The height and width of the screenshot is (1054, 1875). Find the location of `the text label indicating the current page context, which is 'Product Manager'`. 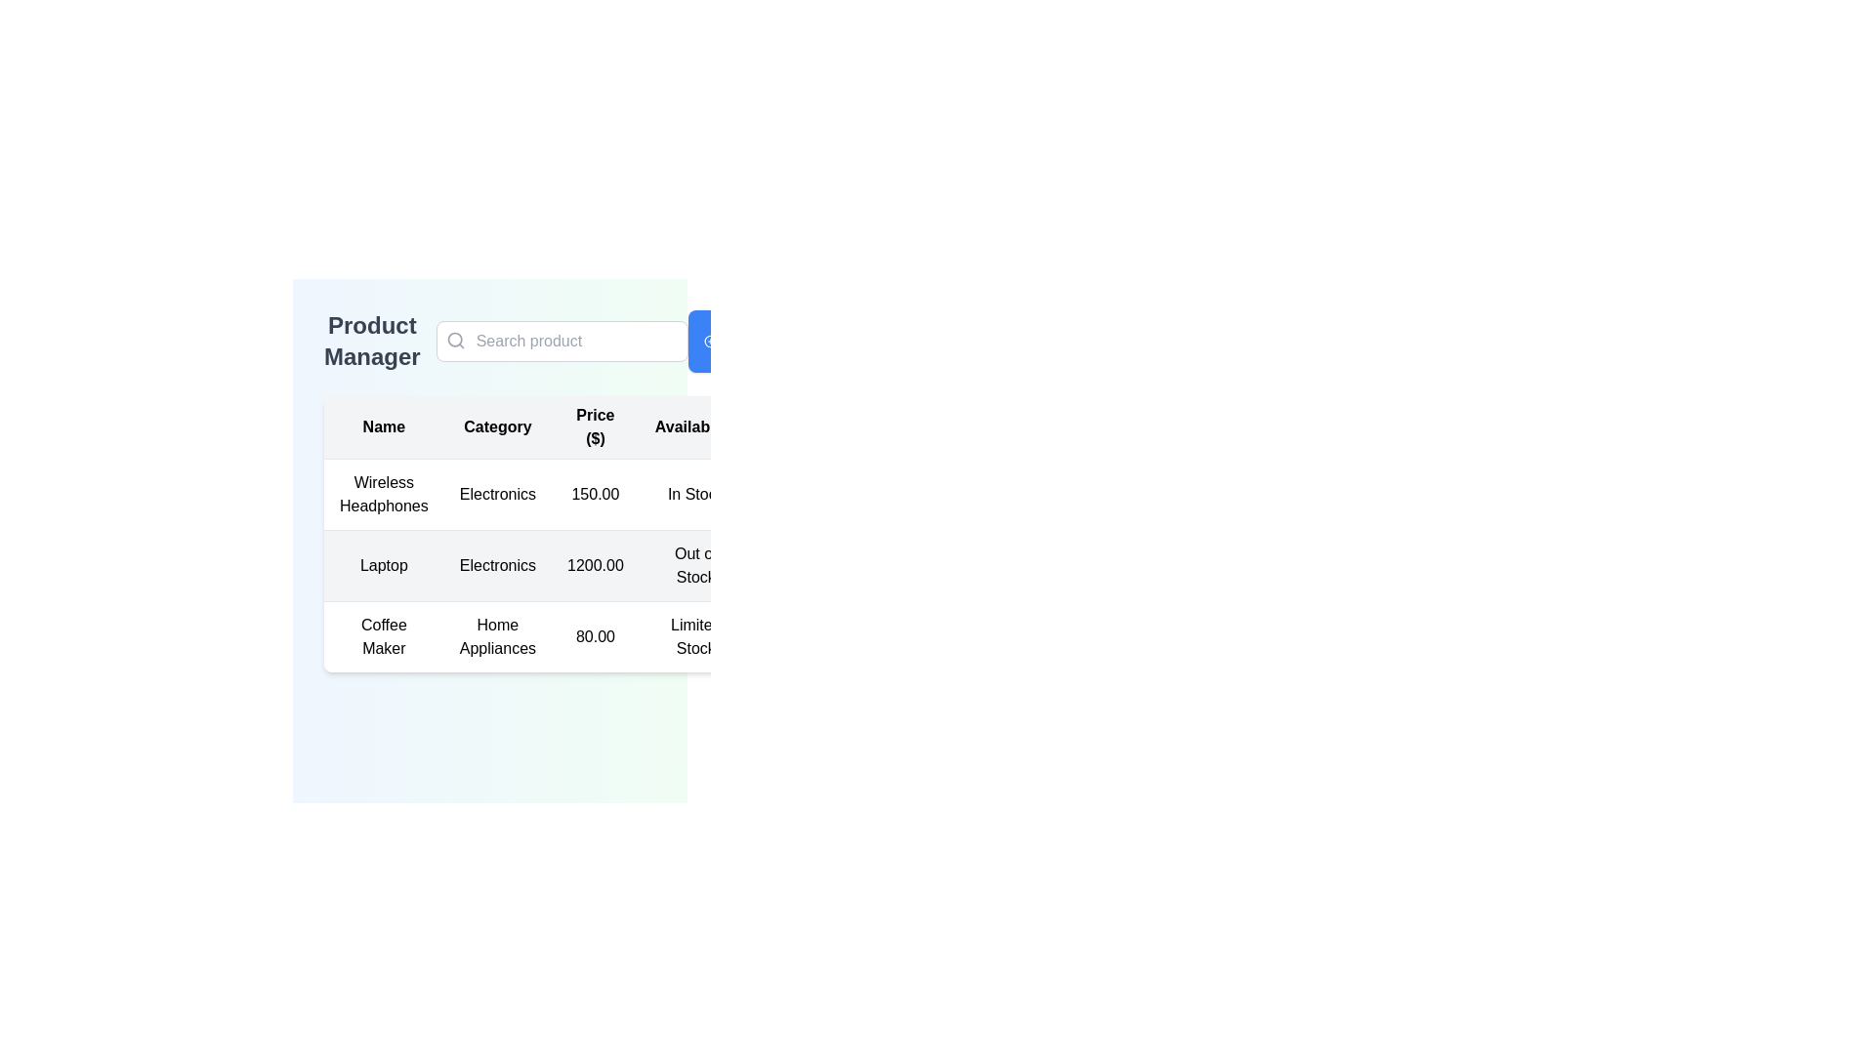

the text label indicating the current page context, which is 'Product Manager' is located at coordinates (506, 341).